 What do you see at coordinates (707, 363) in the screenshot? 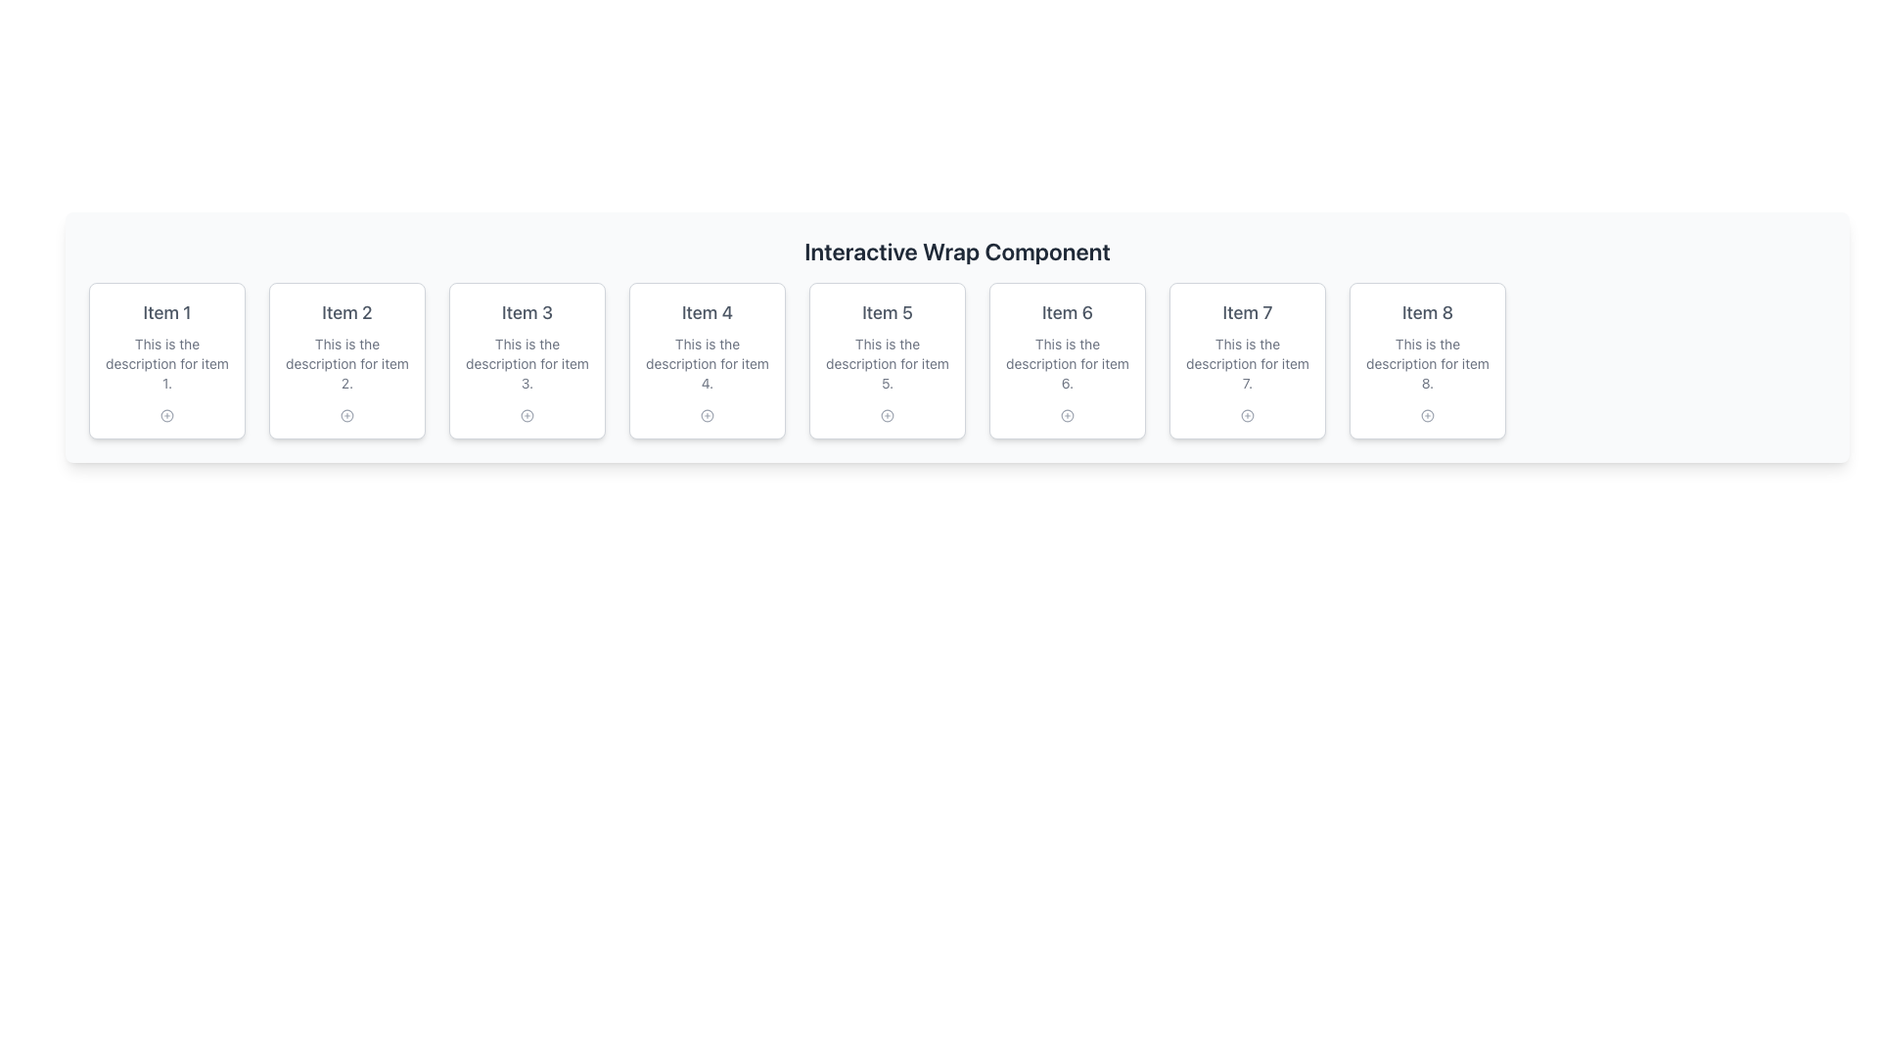
I see `the Text Display element that provides additional information about 'Item 4', which is positioned below the title and above an icon button` at bounding box center [707, 363].